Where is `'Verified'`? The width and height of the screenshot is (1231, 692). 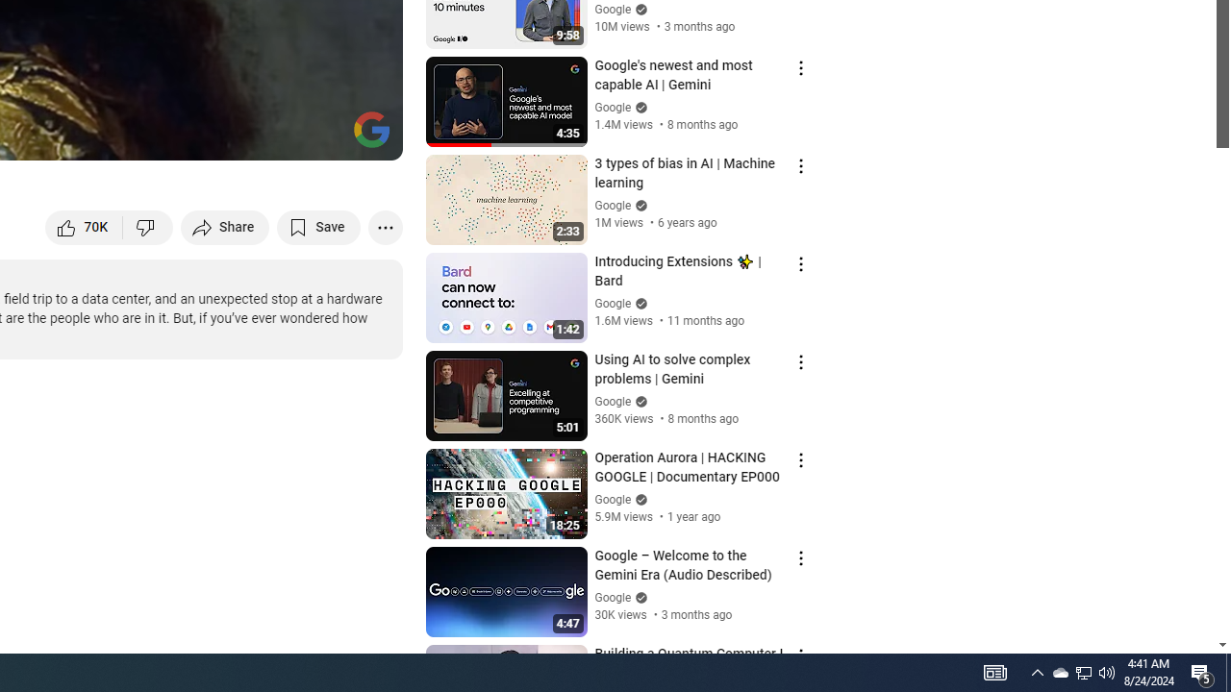 'Verified' is located at coordinates (639, 596).